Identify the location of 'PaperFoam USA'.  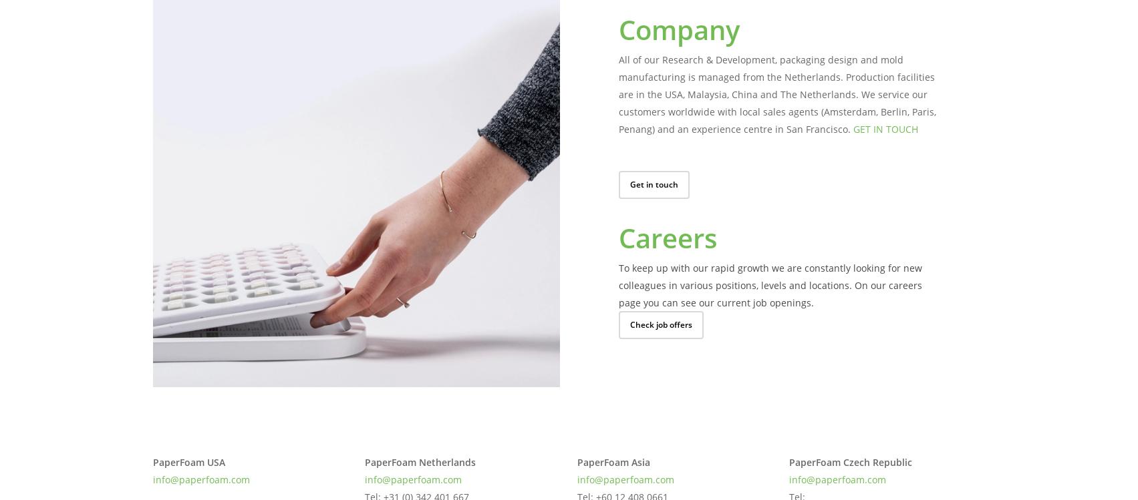
(188, 461).